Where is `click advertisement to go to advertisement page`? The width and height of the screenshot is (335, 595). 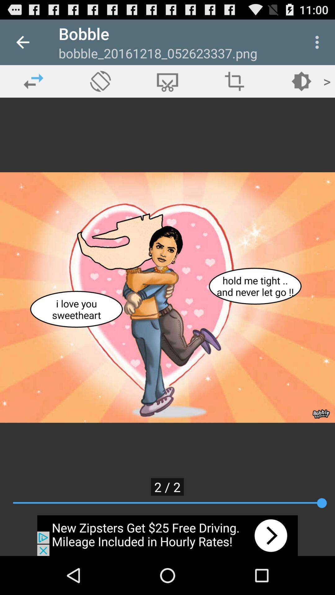 click advertisement to go to advertisement page is located at coordinates (167, 535).